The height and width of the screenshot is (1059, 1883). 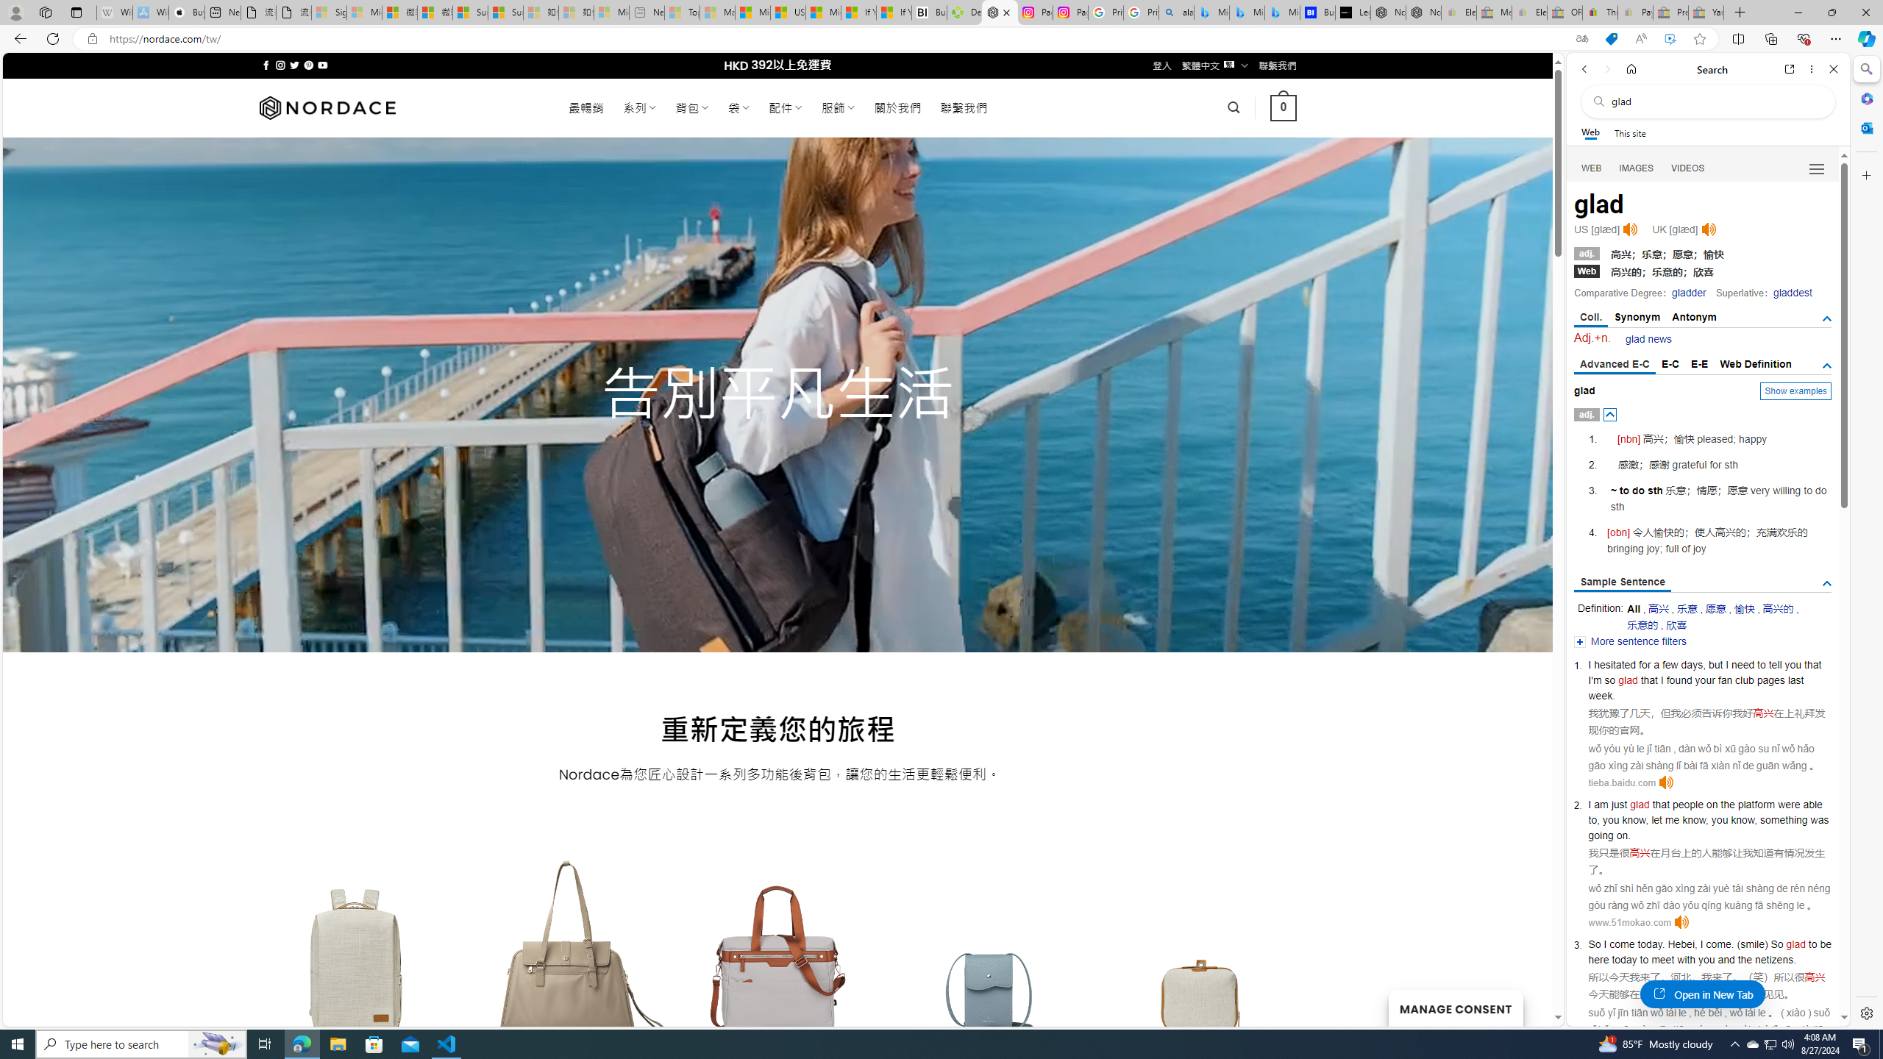 What do you see at coordinates (327, 107) in the screenshot?
I see `'Nordace'` at bounding box center [327, 107].